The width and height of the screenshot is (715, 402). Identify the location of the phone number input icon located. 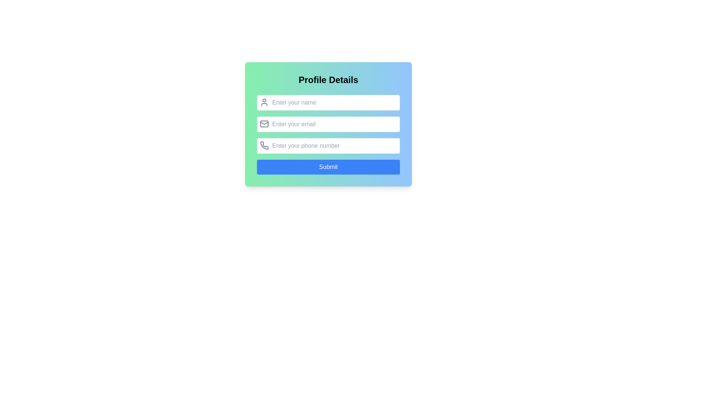
(264, 145).